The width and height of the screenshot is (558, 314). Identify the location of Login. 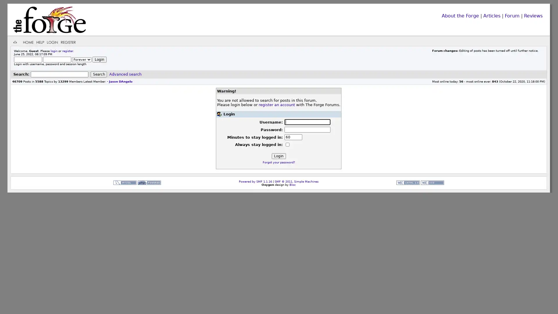
(278, 156).